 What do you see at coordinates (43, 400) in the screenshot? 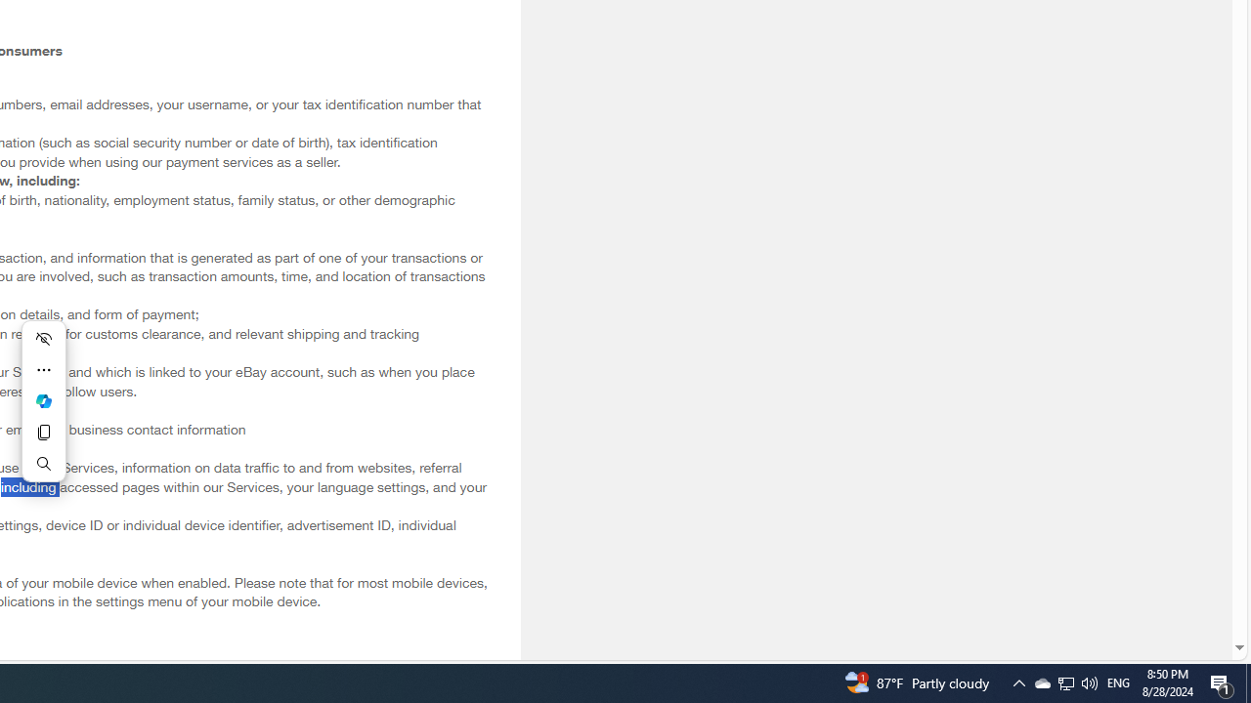
I see `'Ask Copilot'` at bounding box center [43, 400].